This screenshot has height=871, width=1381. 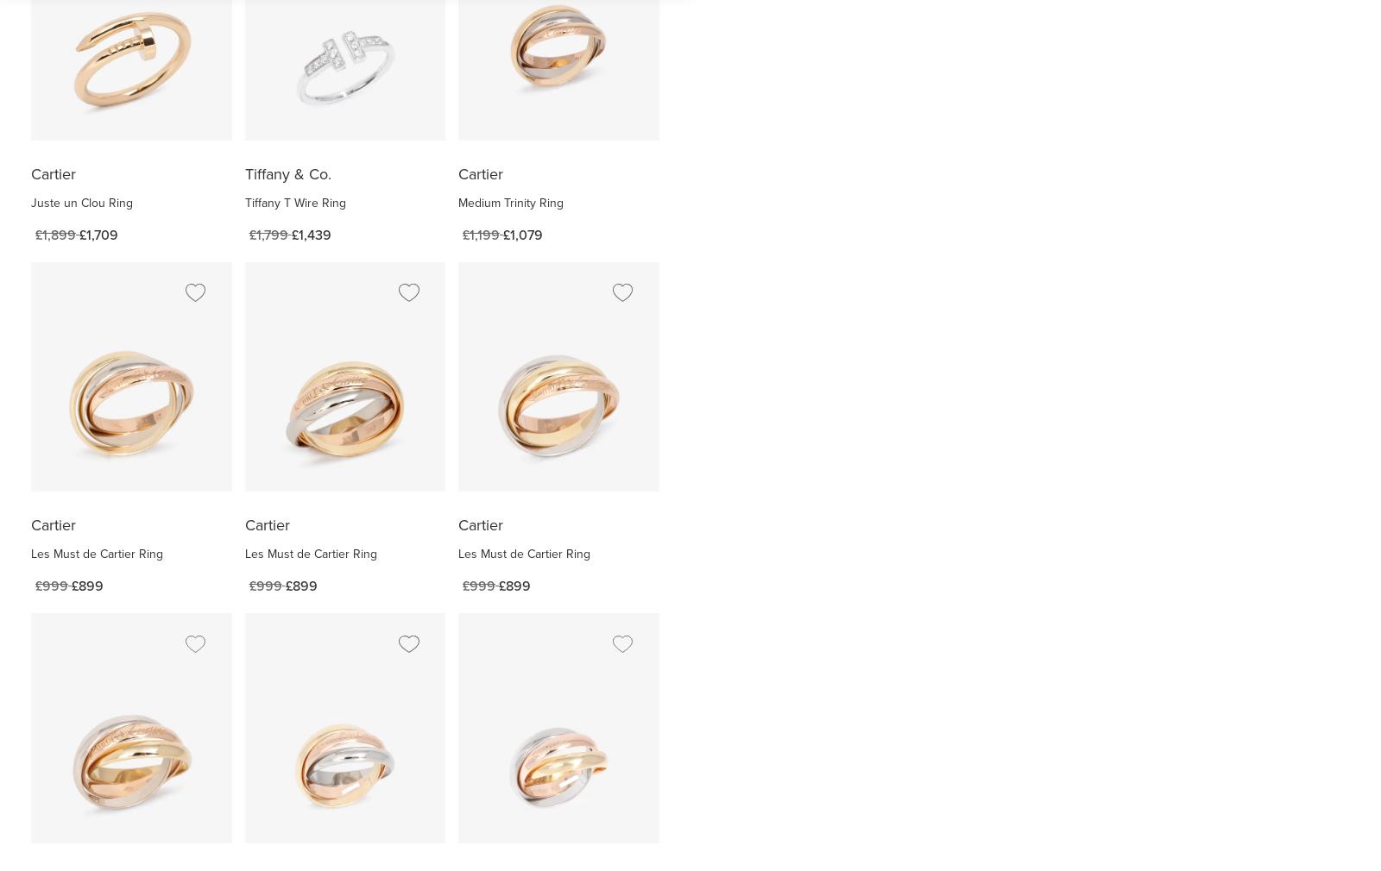 I want to click on 'Medium Trinity Ring', so click(x=510, y=201).